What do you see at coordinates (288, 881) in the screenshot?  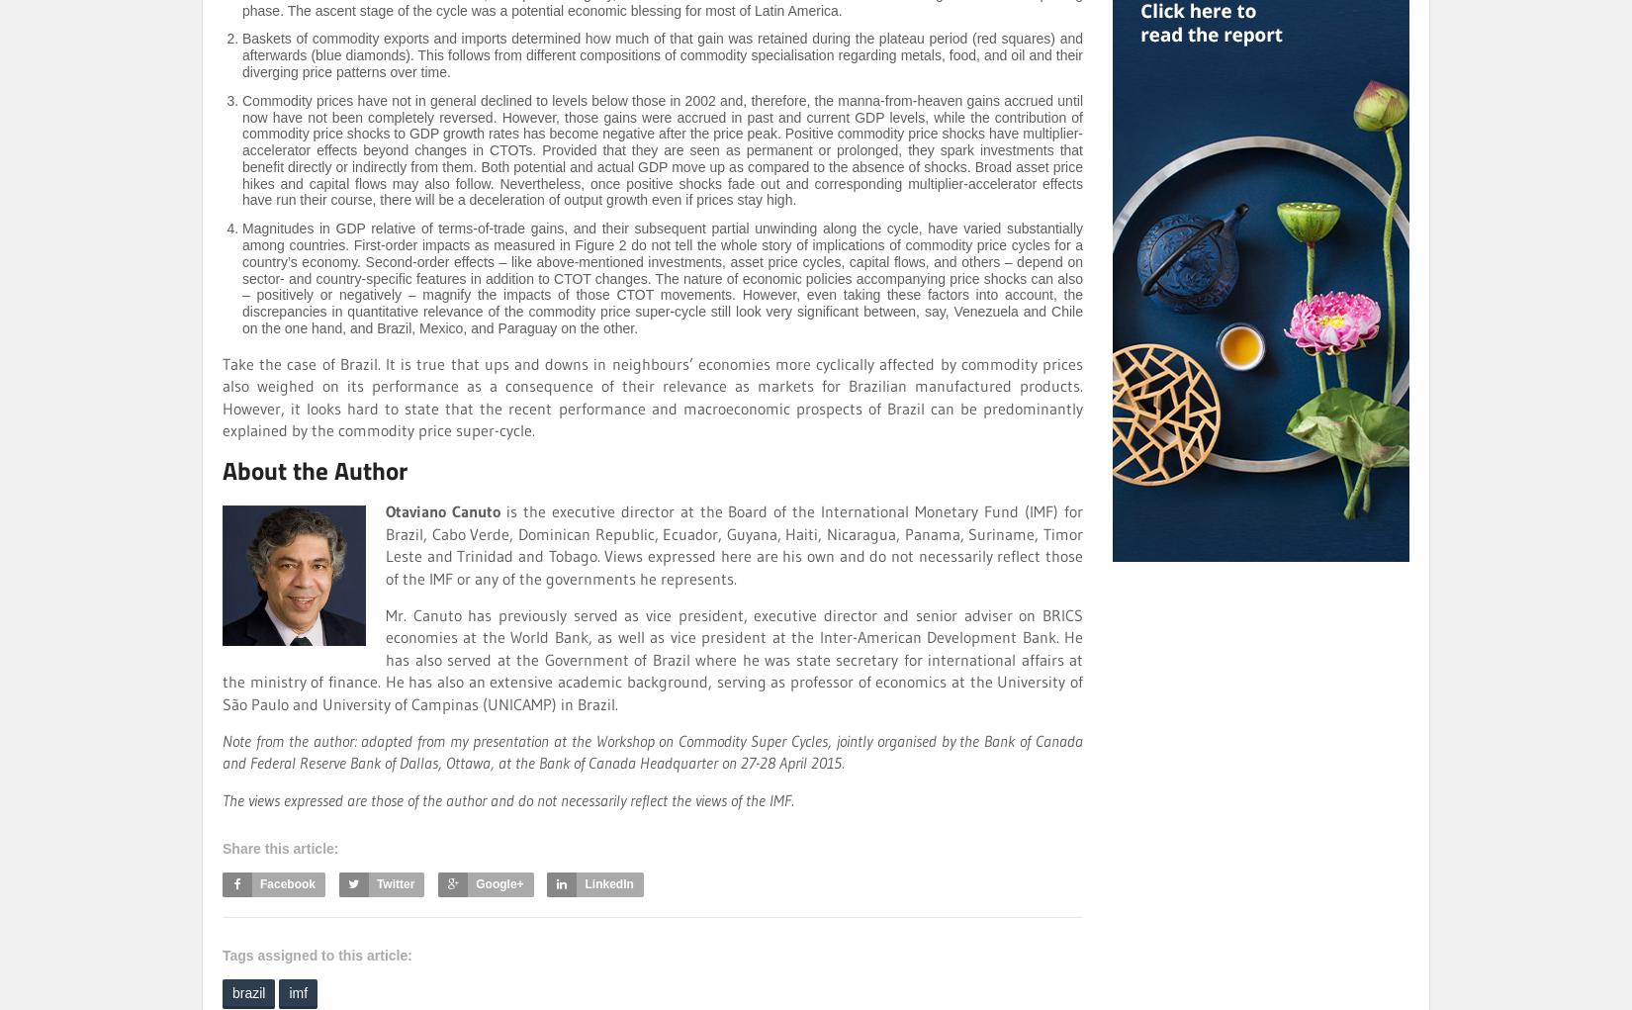 I see `'Facebook'` at bounding box center [288, 881].